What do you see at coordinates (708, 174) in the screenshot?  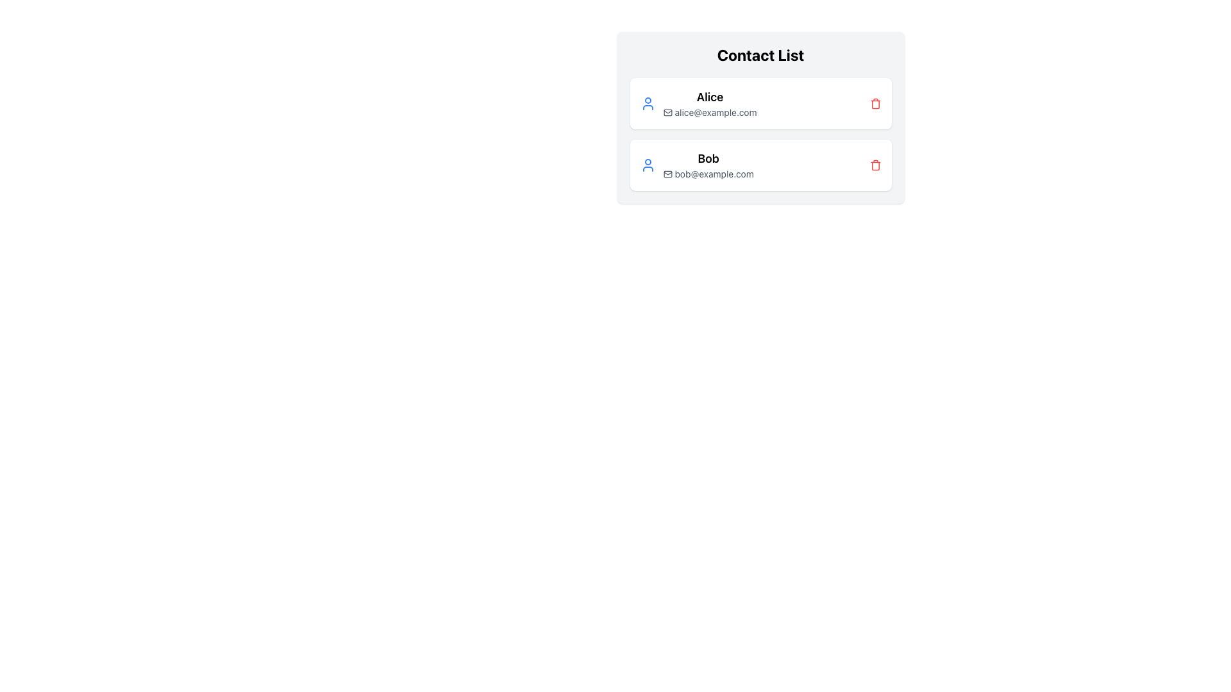 I see `the email address element displaying 'bob@example.com' associated with the contact 'Bob'` at bounding box center [708, 174].